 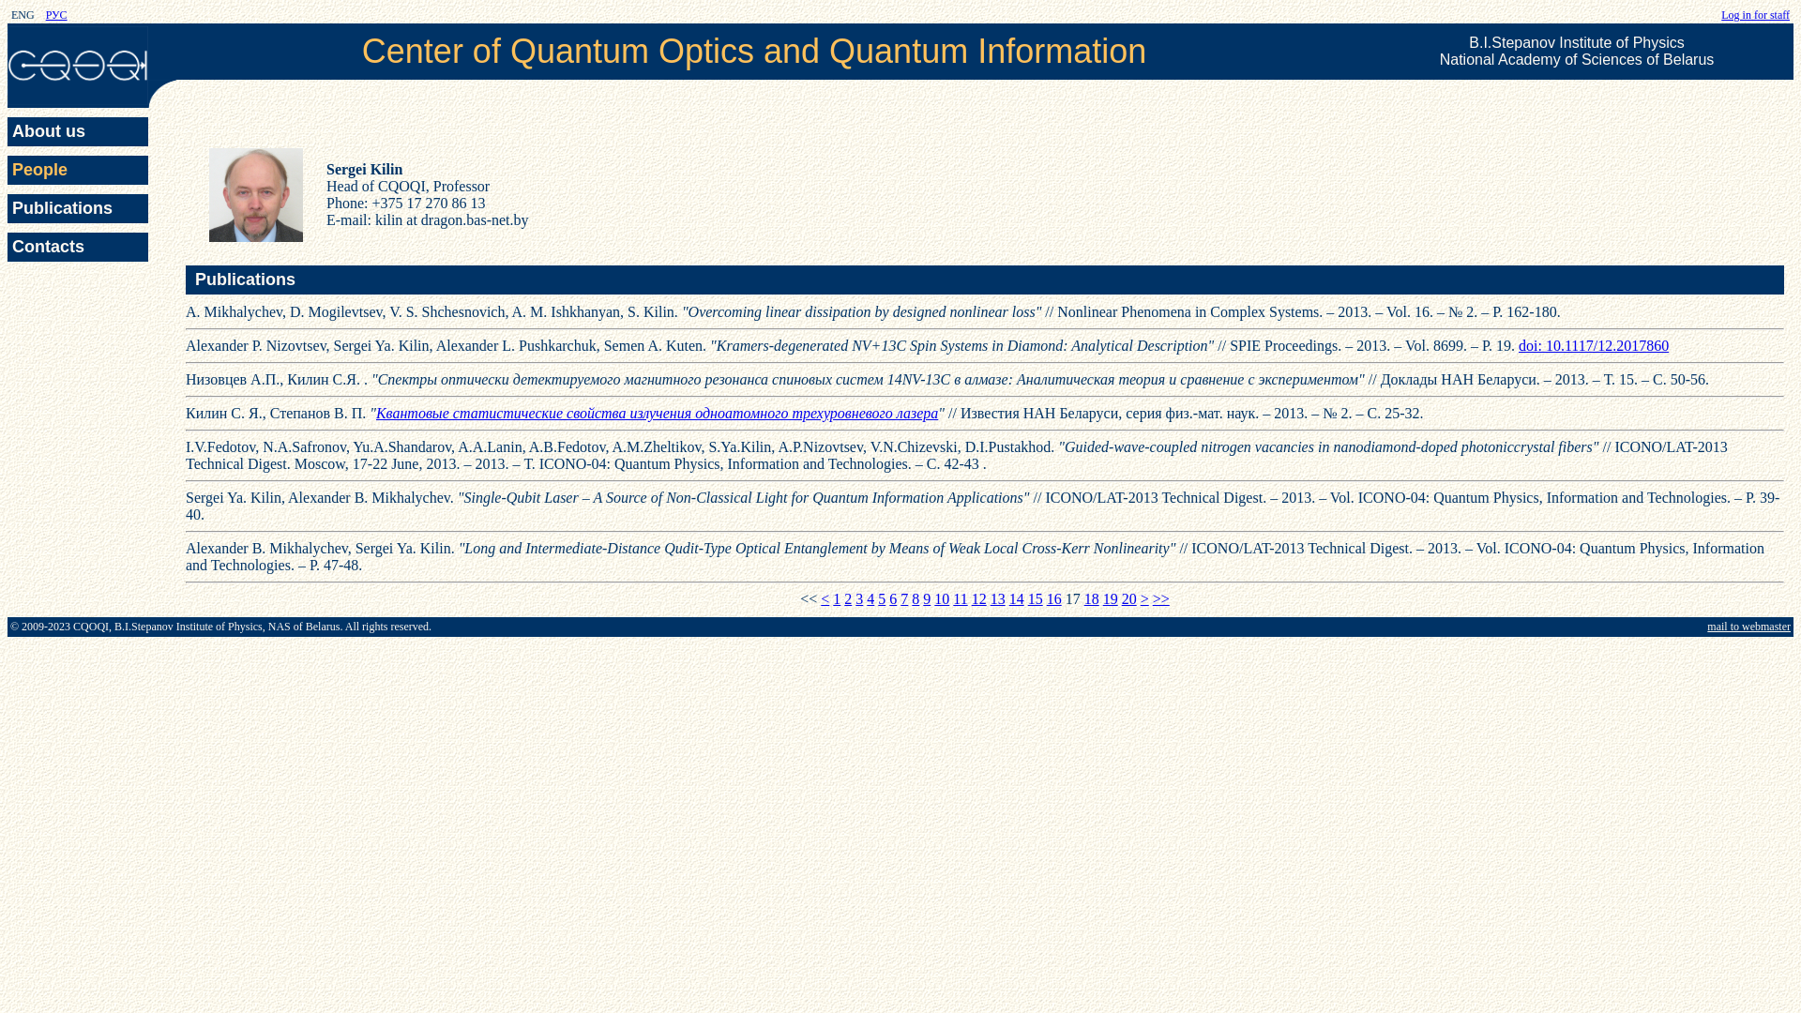 I want to click on '1', so click(x=836, y=598).